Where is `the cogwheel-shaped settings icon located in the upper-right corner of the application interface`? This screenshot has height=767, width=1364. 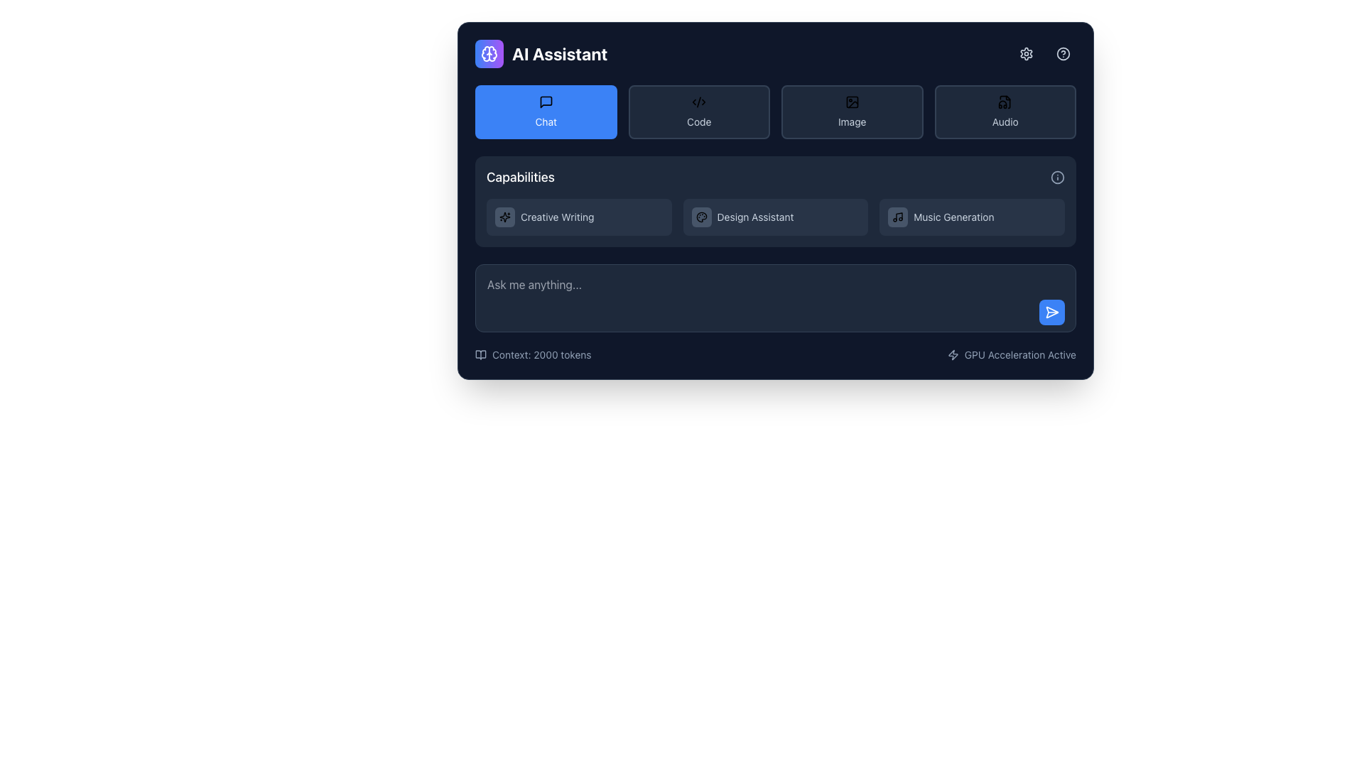
the cogwheel-shaped settings icon located in the upper-right corner of the application interface is located at coordinates (1026, 53).